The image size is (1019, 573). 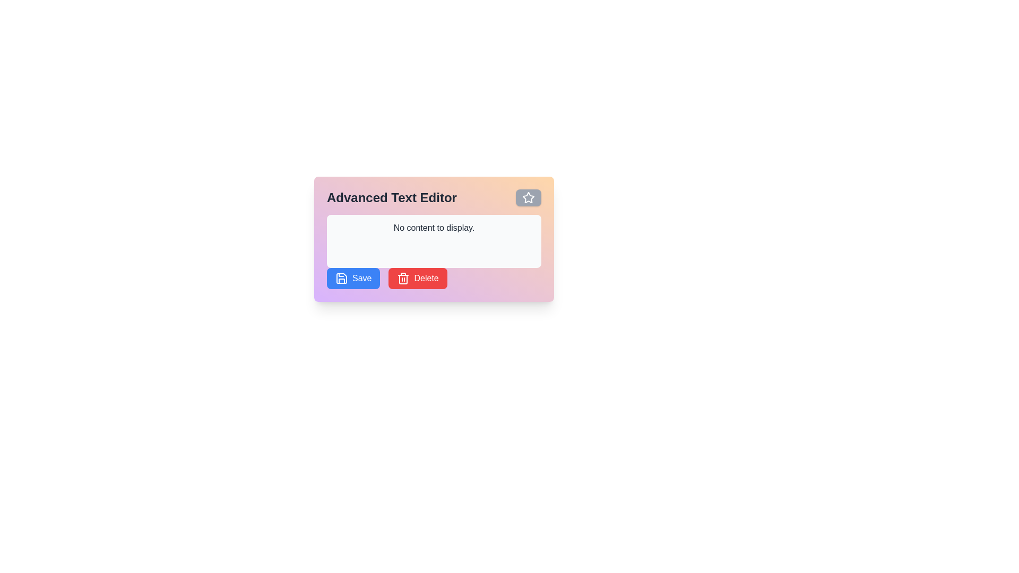 What do you see at coordinates (529, 198) in the screenshot?
I see `the star icon located in the top-right corner of the 'Advanced Text Editor' interface` at bounding box center [529, 198].